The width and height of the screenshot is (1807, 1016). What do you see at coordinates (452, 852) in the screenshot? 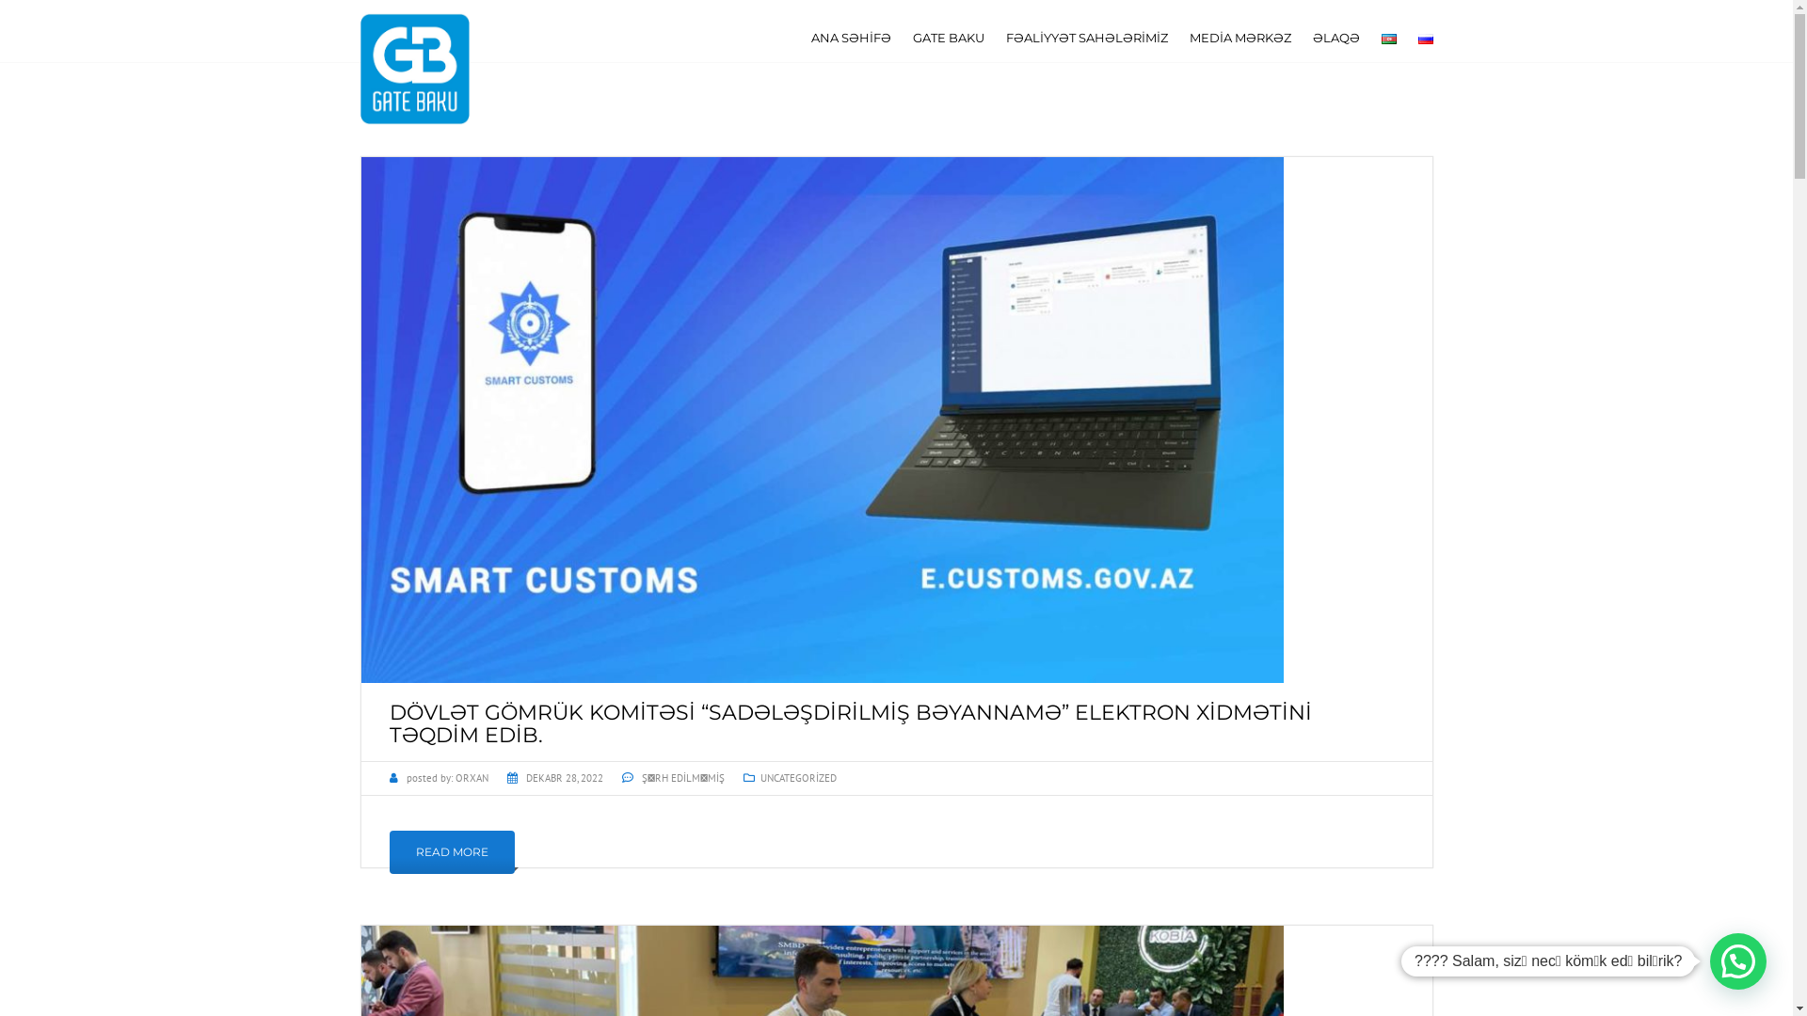
I see `'READ MORE'` at bounding box center [452, 852].